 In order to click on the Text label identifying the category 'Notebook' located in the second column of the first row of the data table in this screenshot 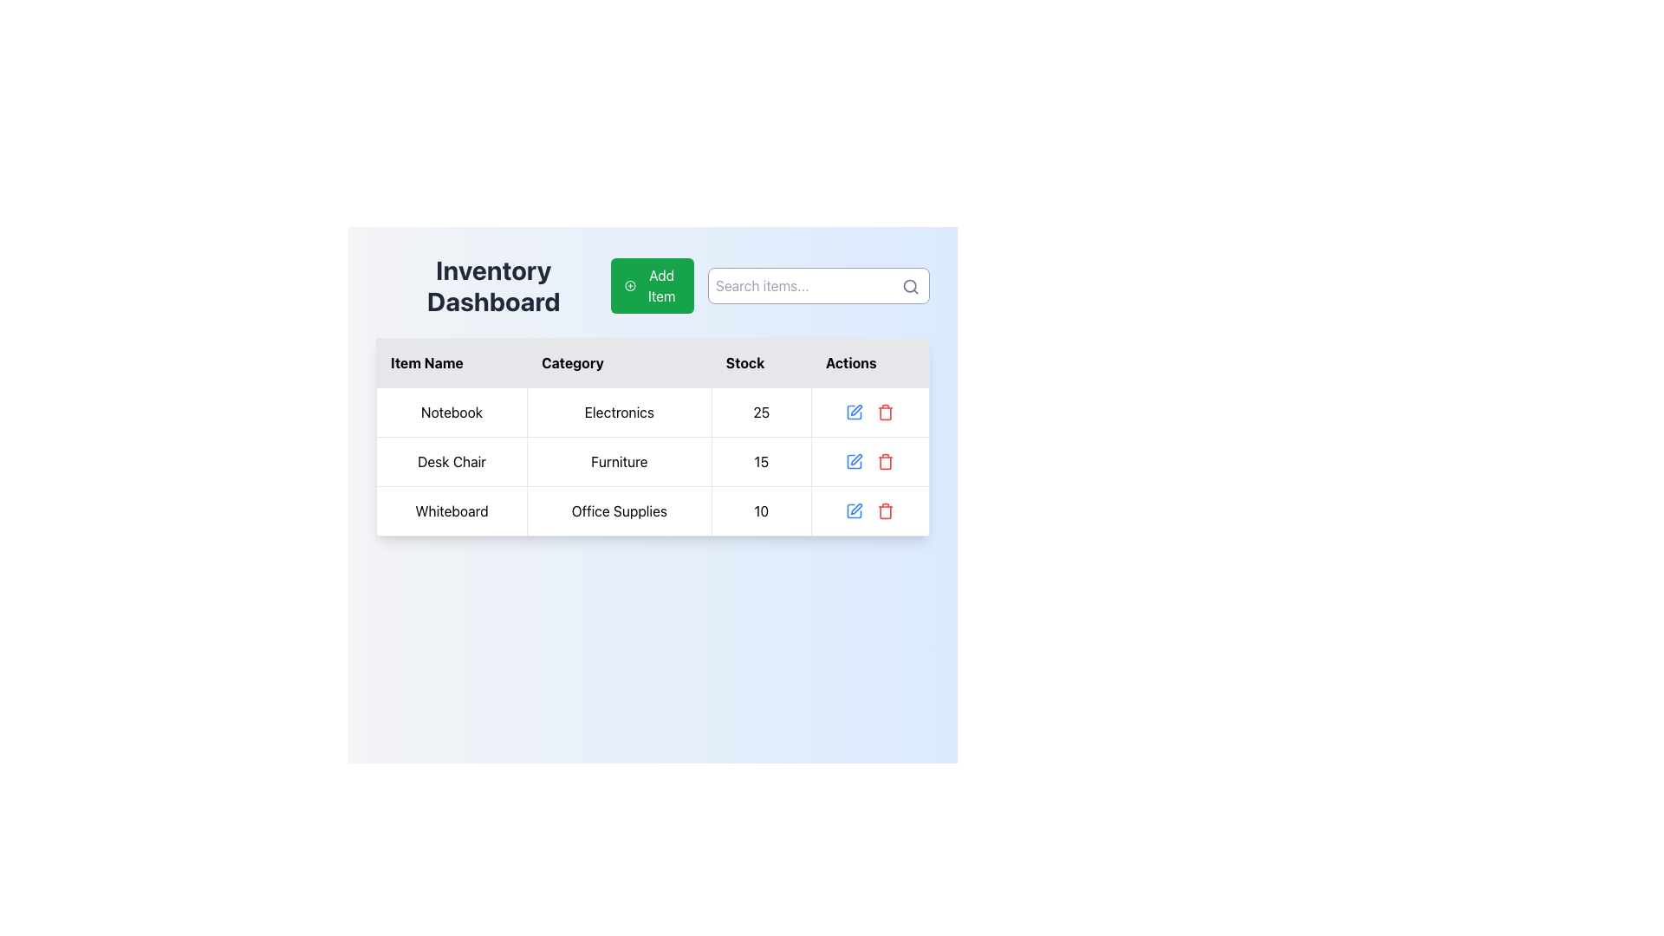, I will do `click(619, 412)`.